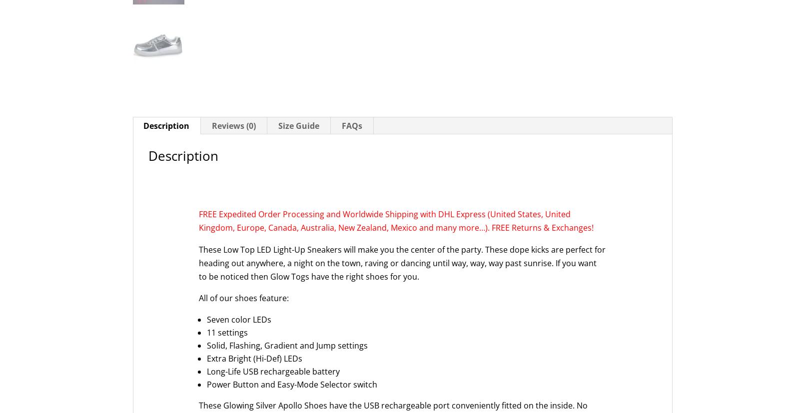 The image size is (805, 413). What do you see at coordinates (199, 298) in the screenshot?
I see `'All of our shoes feature:'` at bounding box center [199, 298].